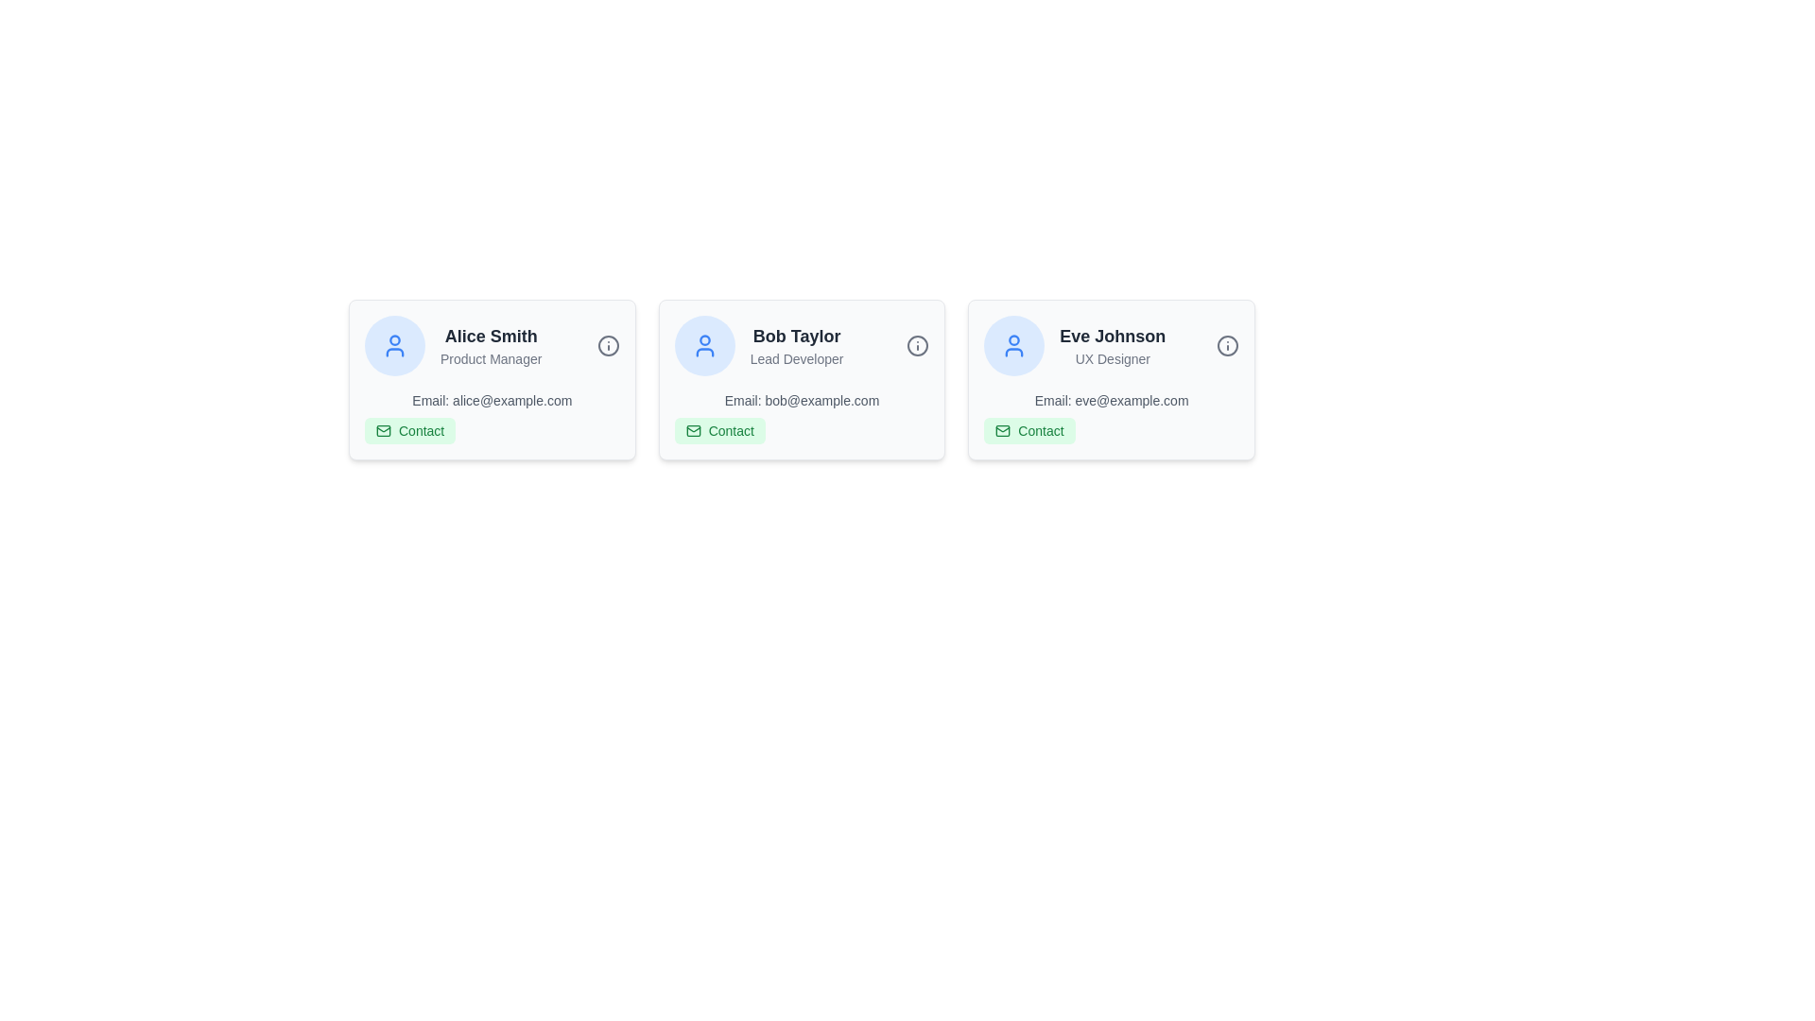 The width and height of the screenshot is (1815, 1021). Describe the element at coordinates (1028, 430) in the screenshot. I see `the contact action button located beneath the email address 'eve@example.com' in the card for 'Eve Johnson'` at that location.